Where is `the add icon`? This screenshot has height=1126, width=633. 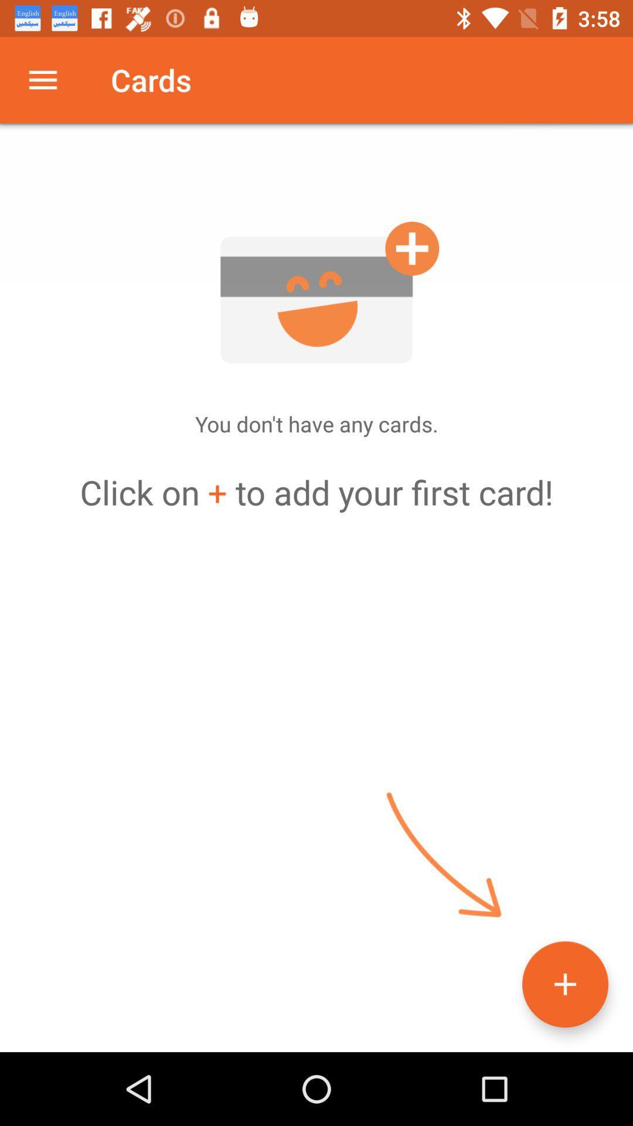
the add icon is located at coordinates (564, 984).